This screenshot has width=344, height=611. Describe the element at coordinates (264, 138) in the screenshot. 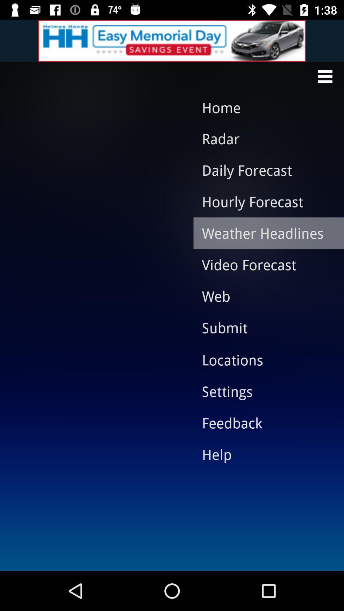

I see `item below home` at that location.